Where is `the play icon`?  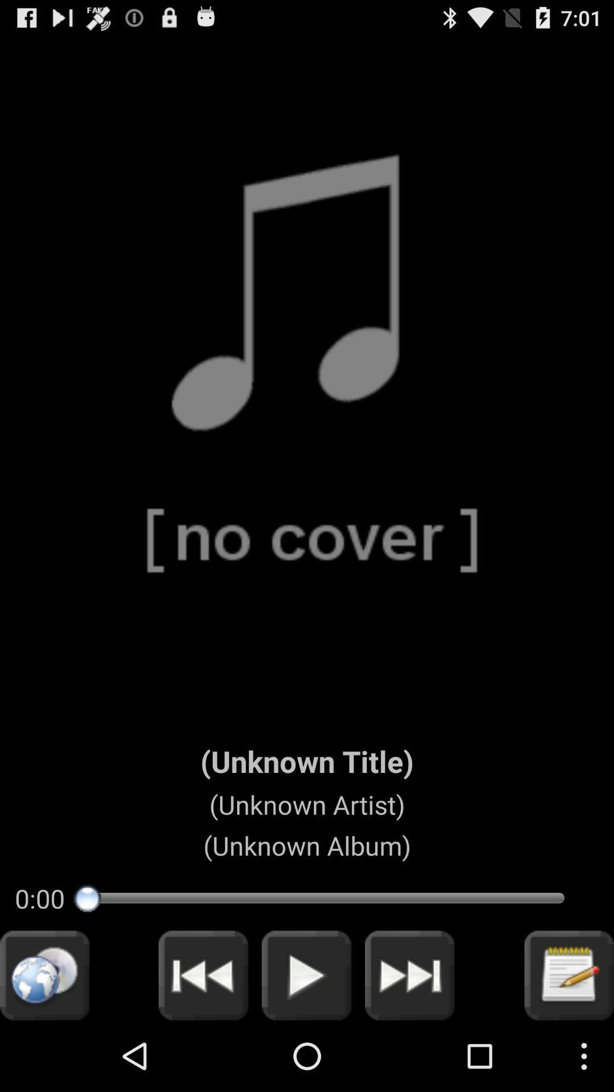 the play icon is located at coordinates (306, 1044).